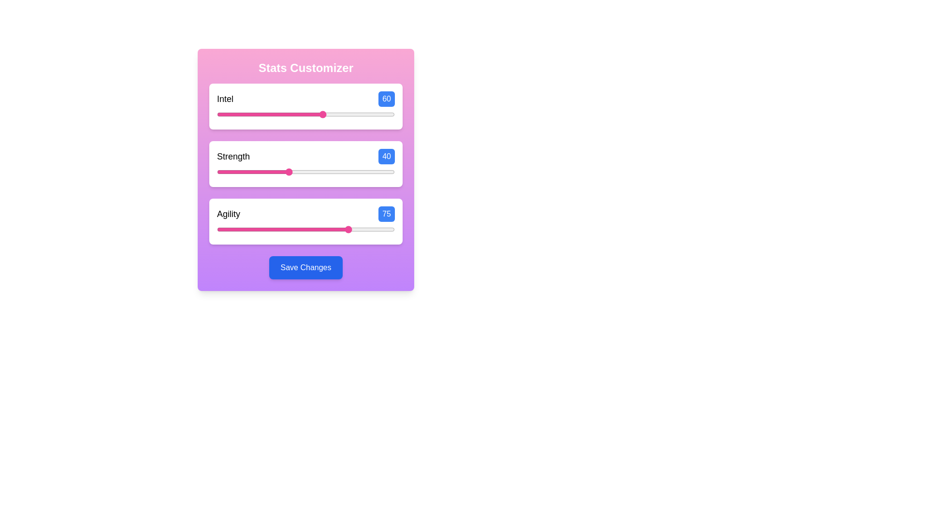 The height and width of the screenshot is (522, 928). What do you see at coordinates (387, 156) in the screenshot?
I see `the blue rectangular badge displaying the number '40', which is located on the right side of the 'Strength' label and slider` at bounding box center [387, 156].